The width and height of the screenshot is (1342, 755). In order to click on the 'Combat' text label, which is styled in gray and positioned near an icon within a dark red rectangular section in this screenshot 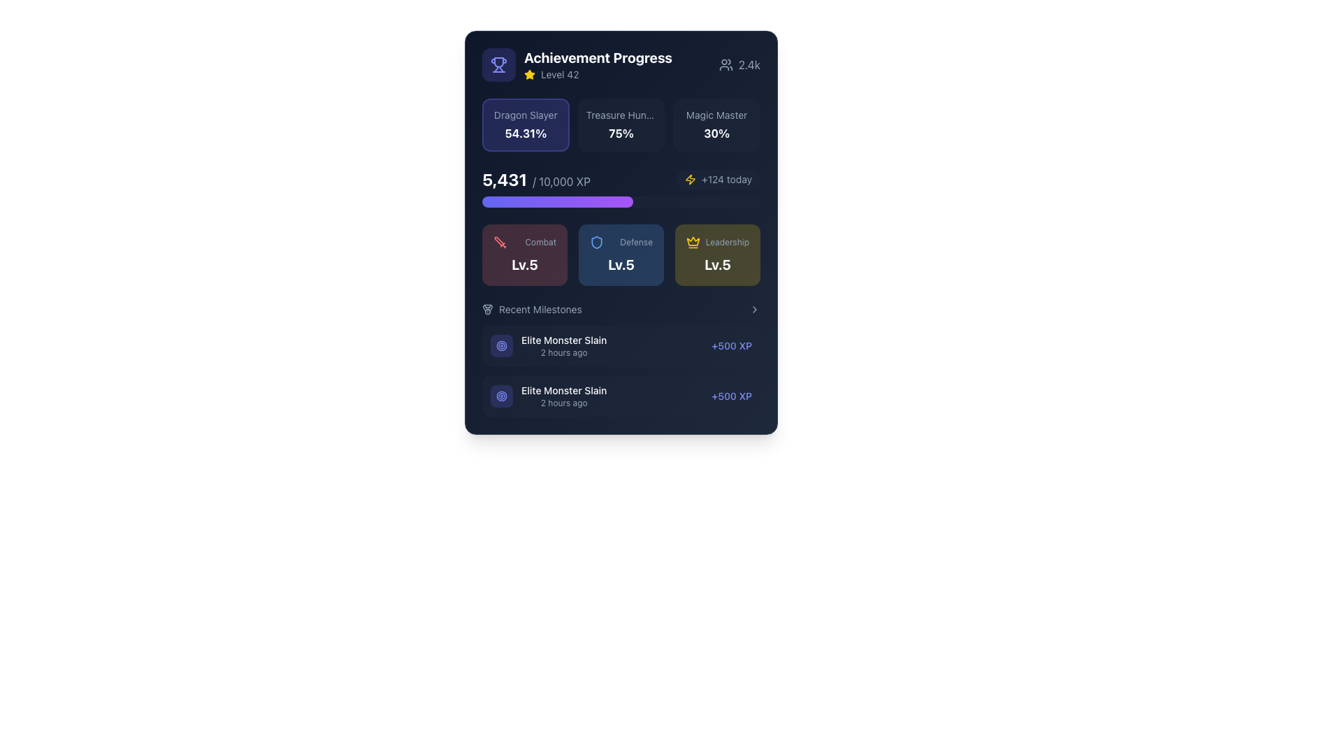, I will do `click(540, 242)`.